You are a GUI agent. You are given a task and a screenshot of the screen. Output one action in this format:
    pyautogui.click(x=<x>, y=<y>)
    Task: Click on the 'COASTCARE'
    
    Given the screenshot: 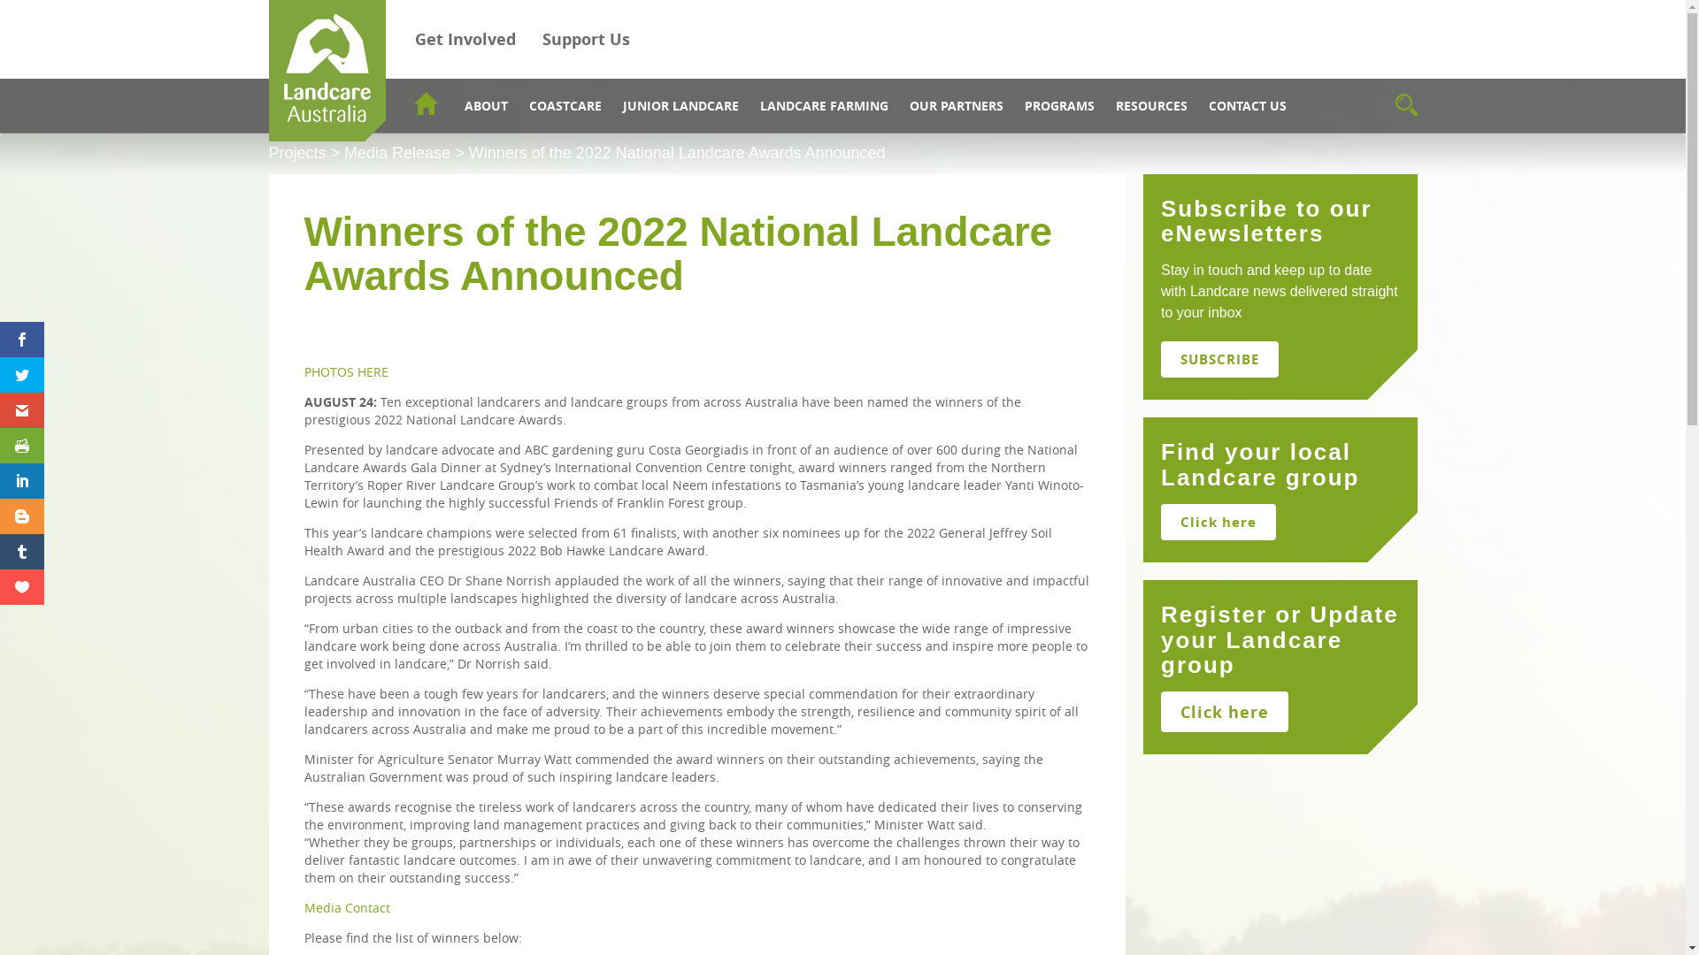 What is the action you would take?
    pyautogui.click(x=564, y=105)
    